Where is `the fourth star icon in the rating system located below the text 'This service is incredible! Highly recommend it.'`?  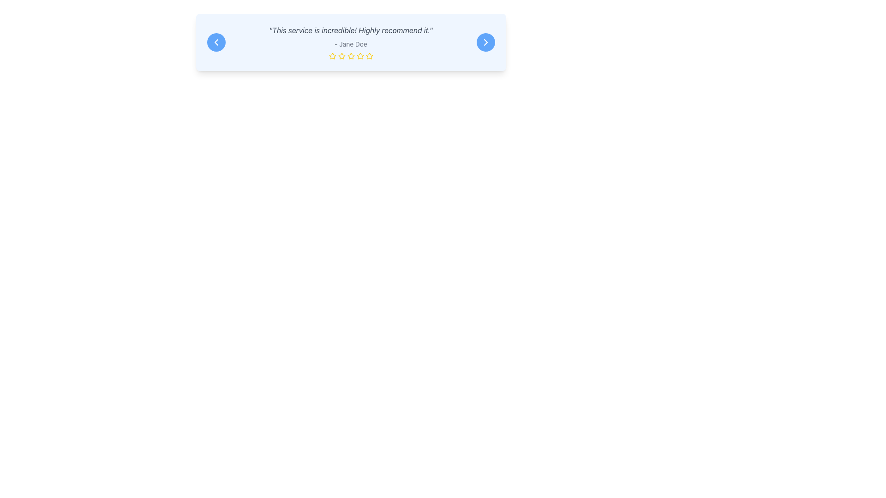
the fourth star icon in the rating system located below the text 'This service is incredible! Highly recommend it.' is located at coordinates (359, 56).